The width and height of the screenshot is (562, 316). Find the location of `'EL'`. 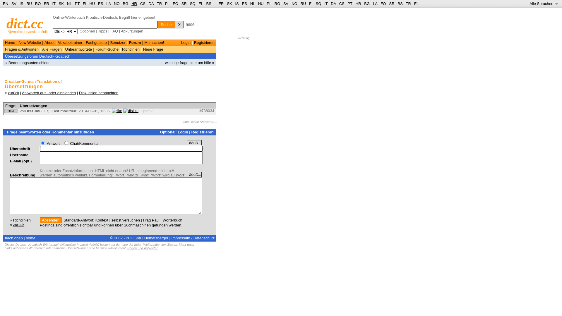

'EL' is located at coordinates (201, 4).